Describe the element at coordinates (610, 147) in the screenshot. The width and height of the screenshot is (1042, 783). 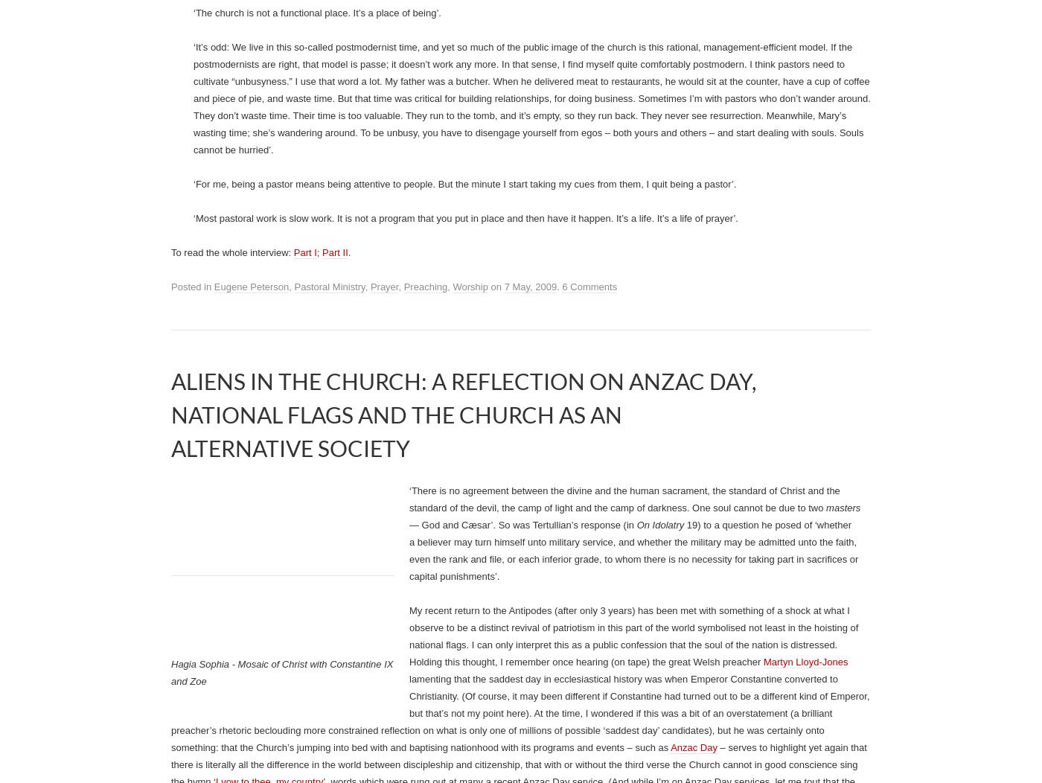
I see `'‘I don’t ever want to convey that our primary job as pastors is to fix a problem. Our primary work is to make saints. We’re in the saint-making business. If we enter the human-potential business, we’ve lost our calling’.'` at that location.